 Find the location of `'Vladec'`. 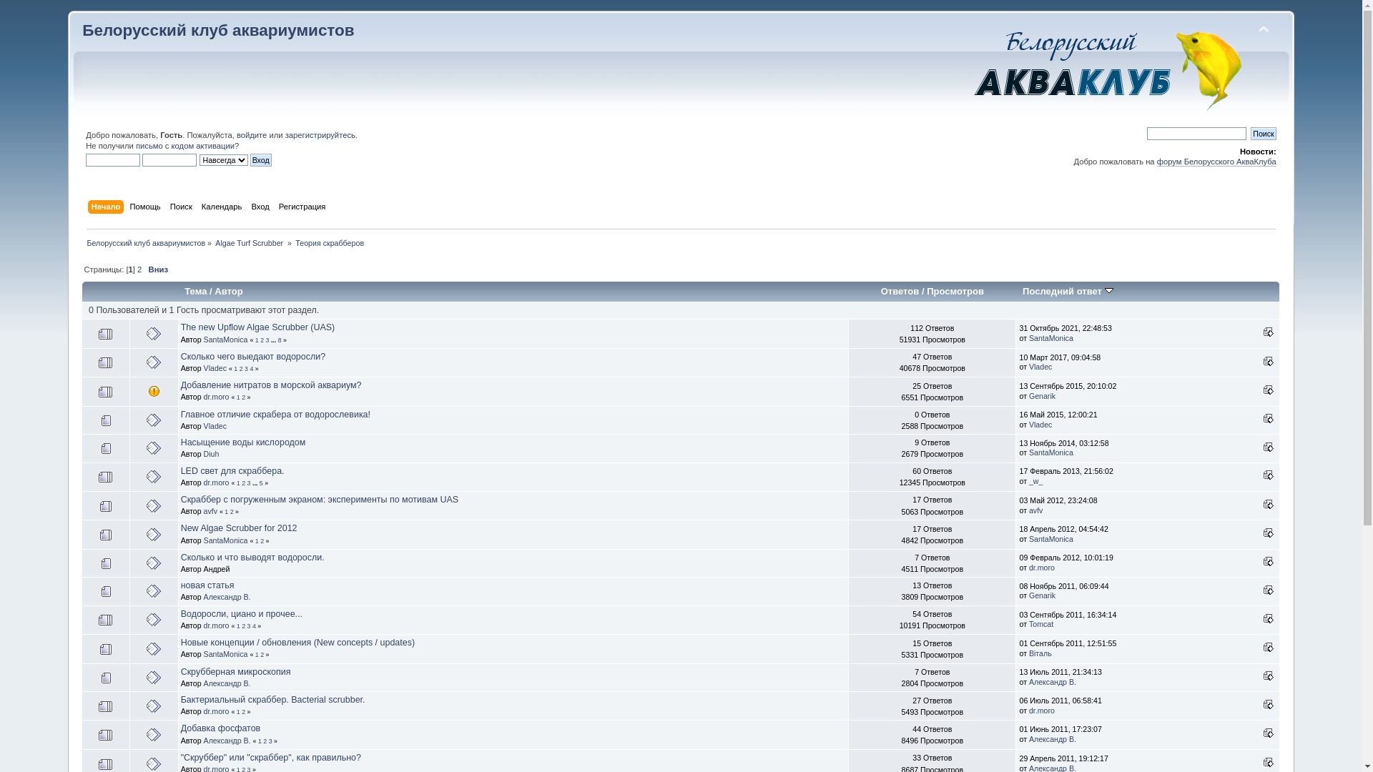

'Vladec' is located at coordinates (215, 425).